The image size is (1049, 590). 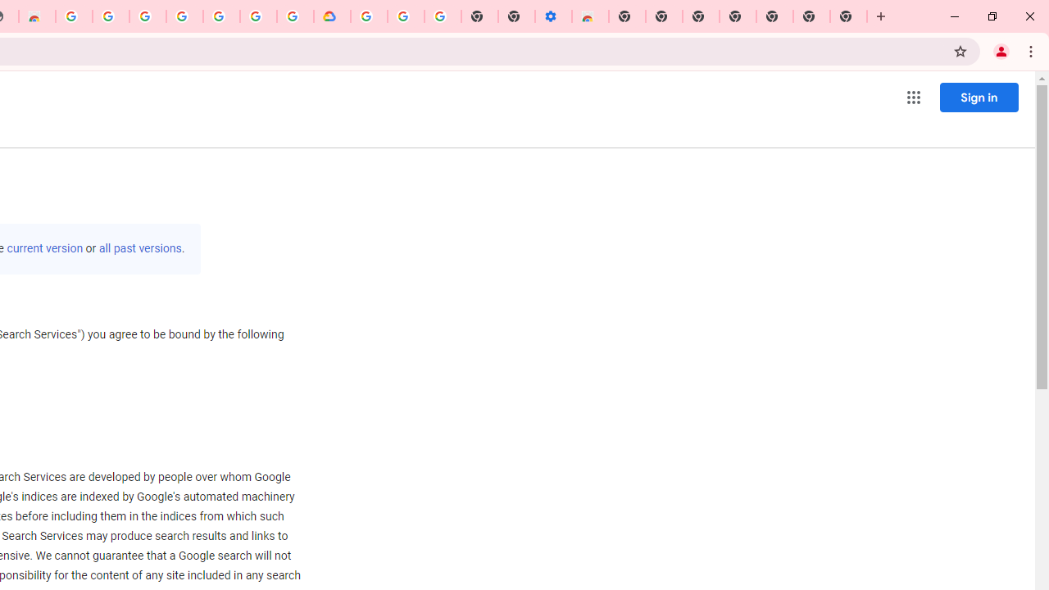 What do you see at coordinates (37, 16) in the screenshot?
I see `'Chrome Web Store - Household'` at bounding box center [37, 16].